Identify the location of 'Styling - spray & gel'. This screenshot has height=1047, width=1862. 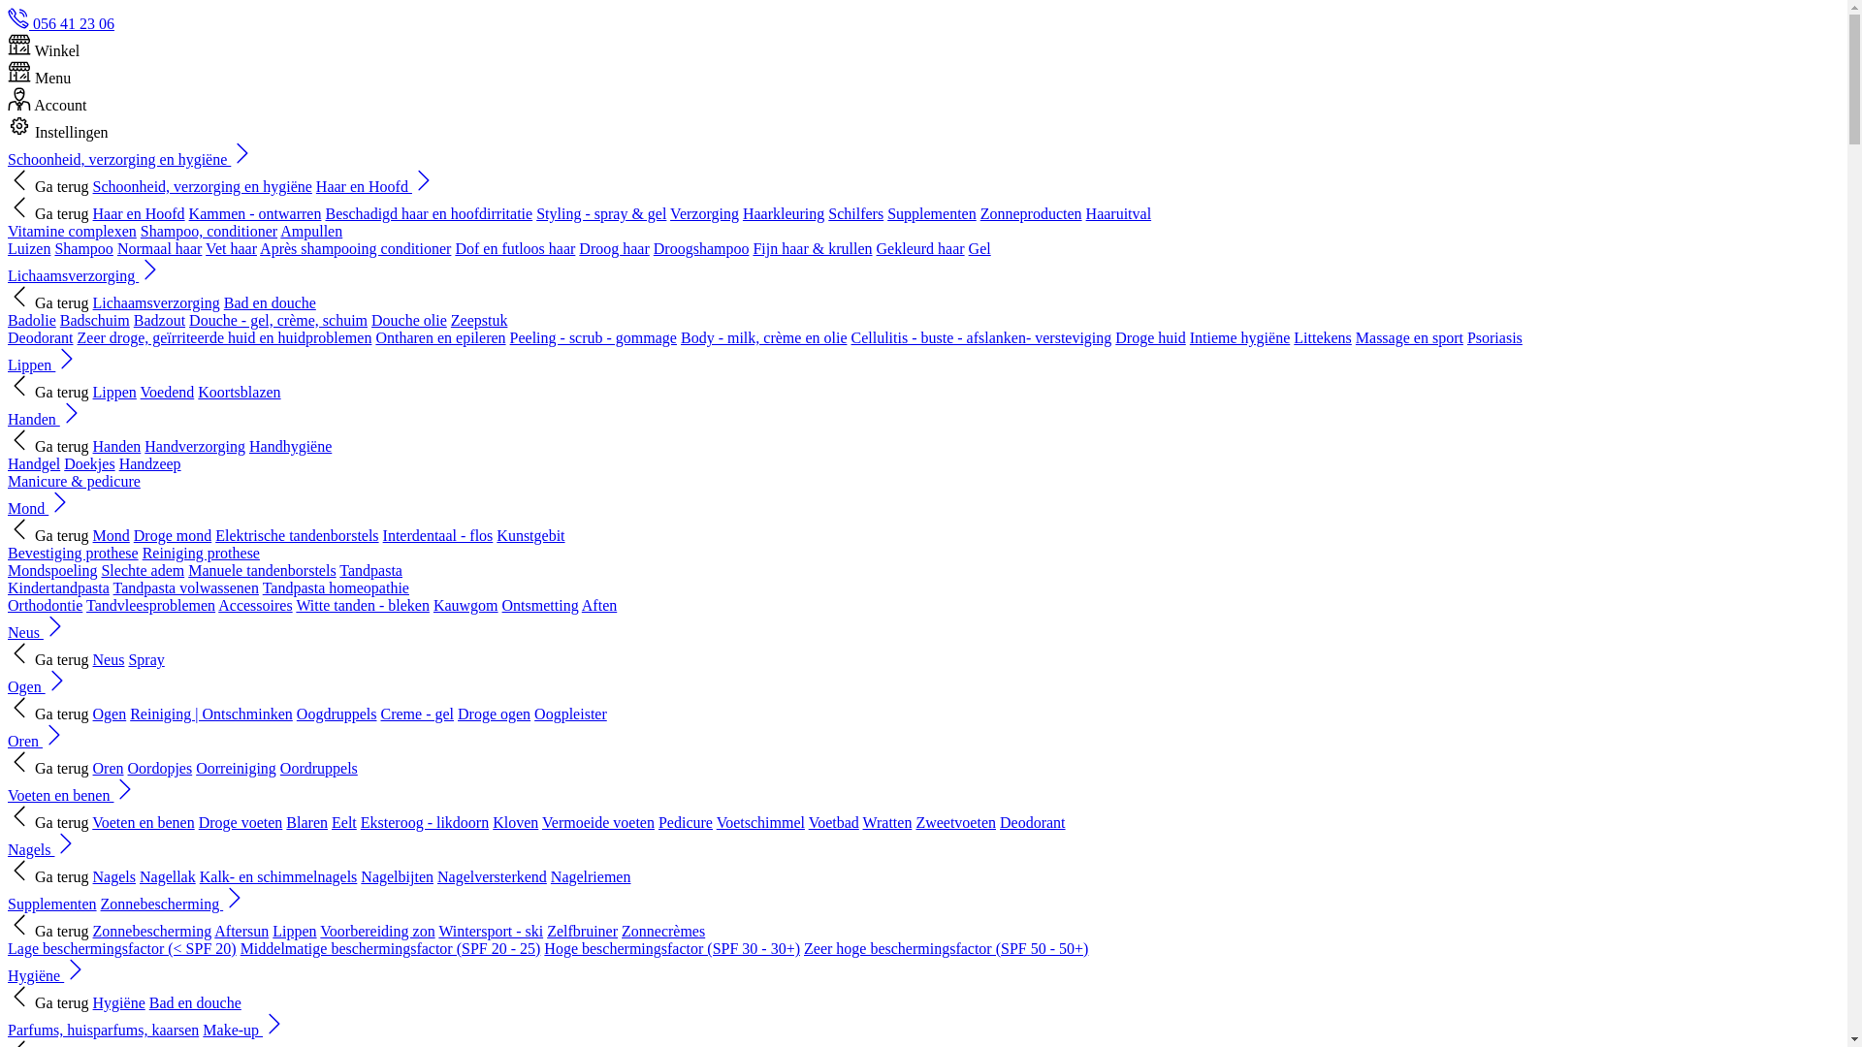
(599, 213).